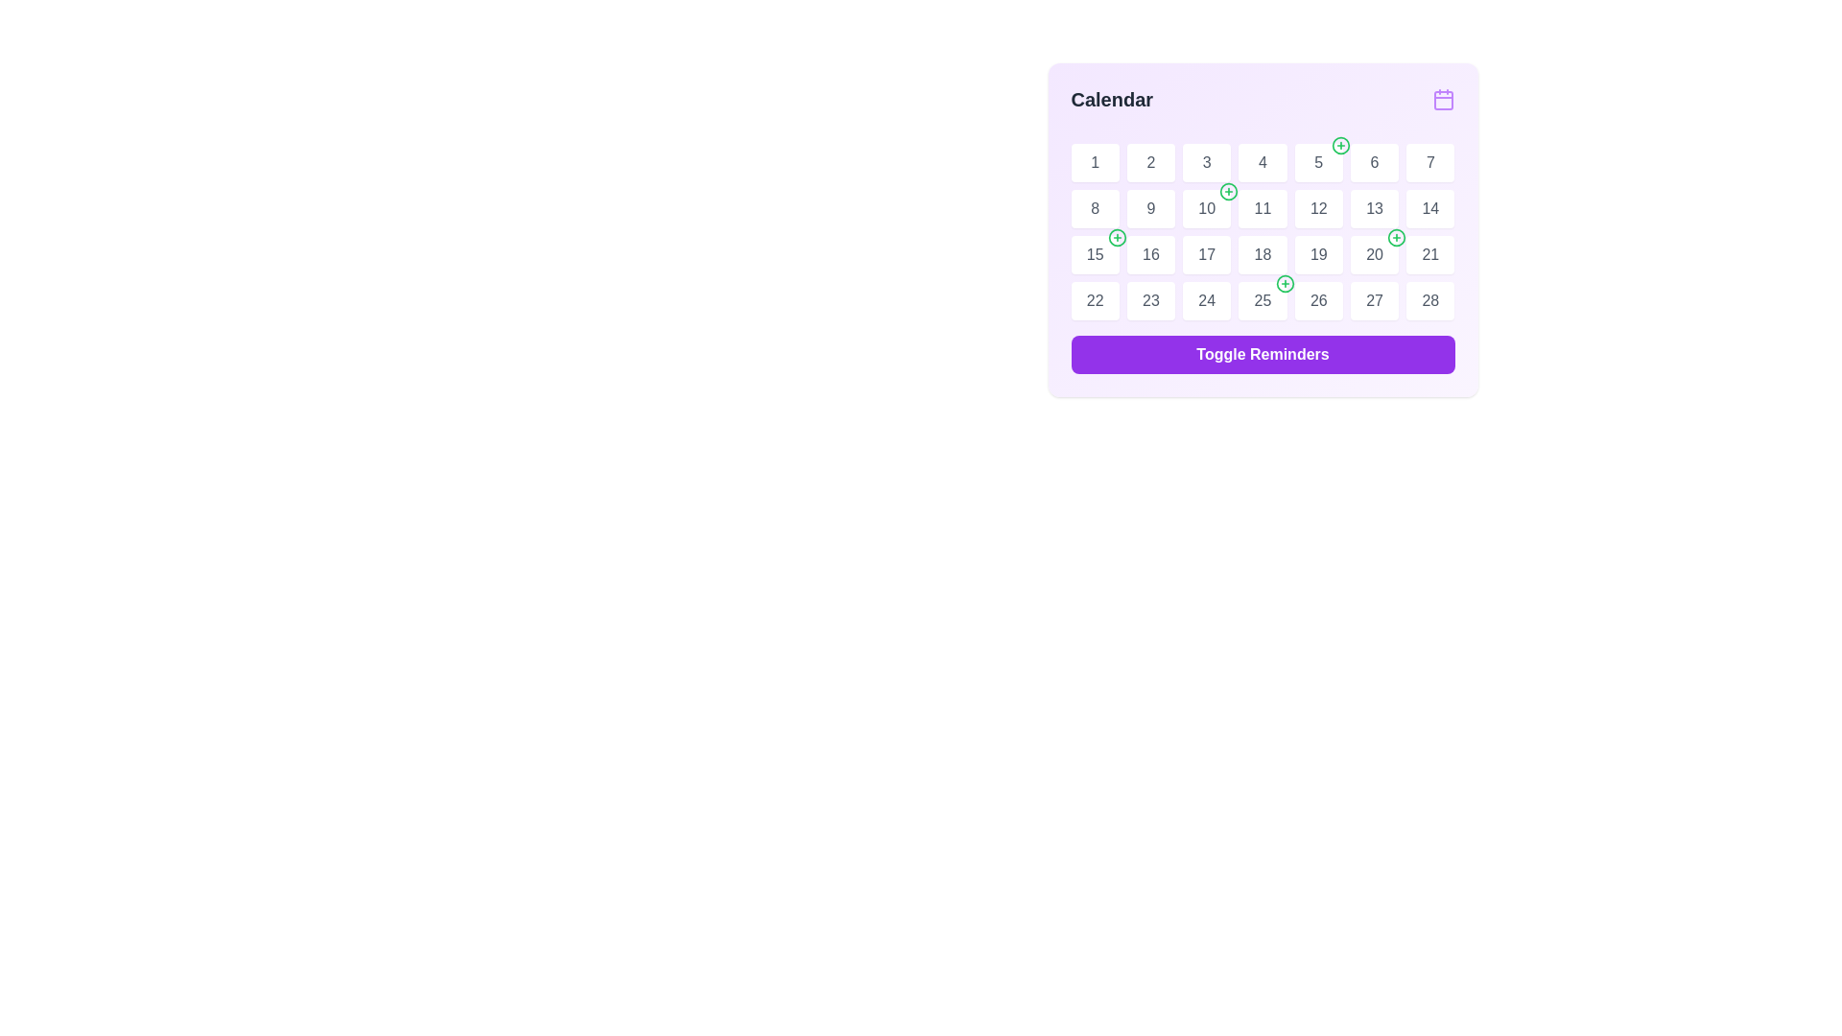 This screenshot has width=1842, height=1036. Describe the element at coordinates (1095, 254) in the screenshot. I see `the details of the date box showing '15' in the calendar grid, which is located in the first column of the third row` at that location.